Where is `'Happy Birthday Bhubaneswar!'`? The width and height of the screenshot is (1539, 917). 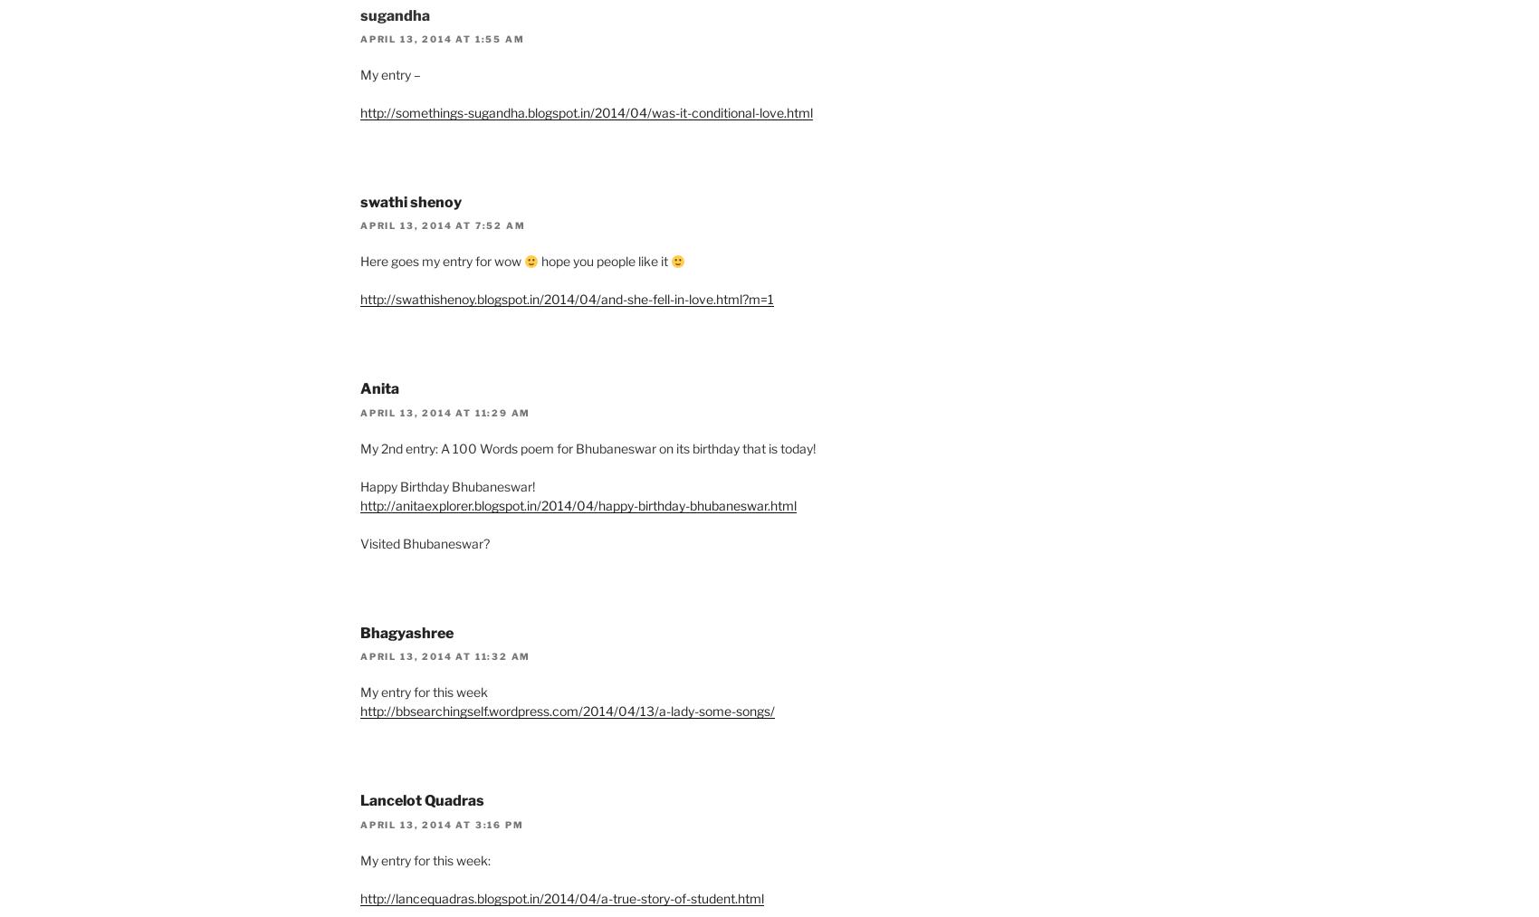
'Happy Birthday Bhubaneswar!' is located at coordinates (358, 485).